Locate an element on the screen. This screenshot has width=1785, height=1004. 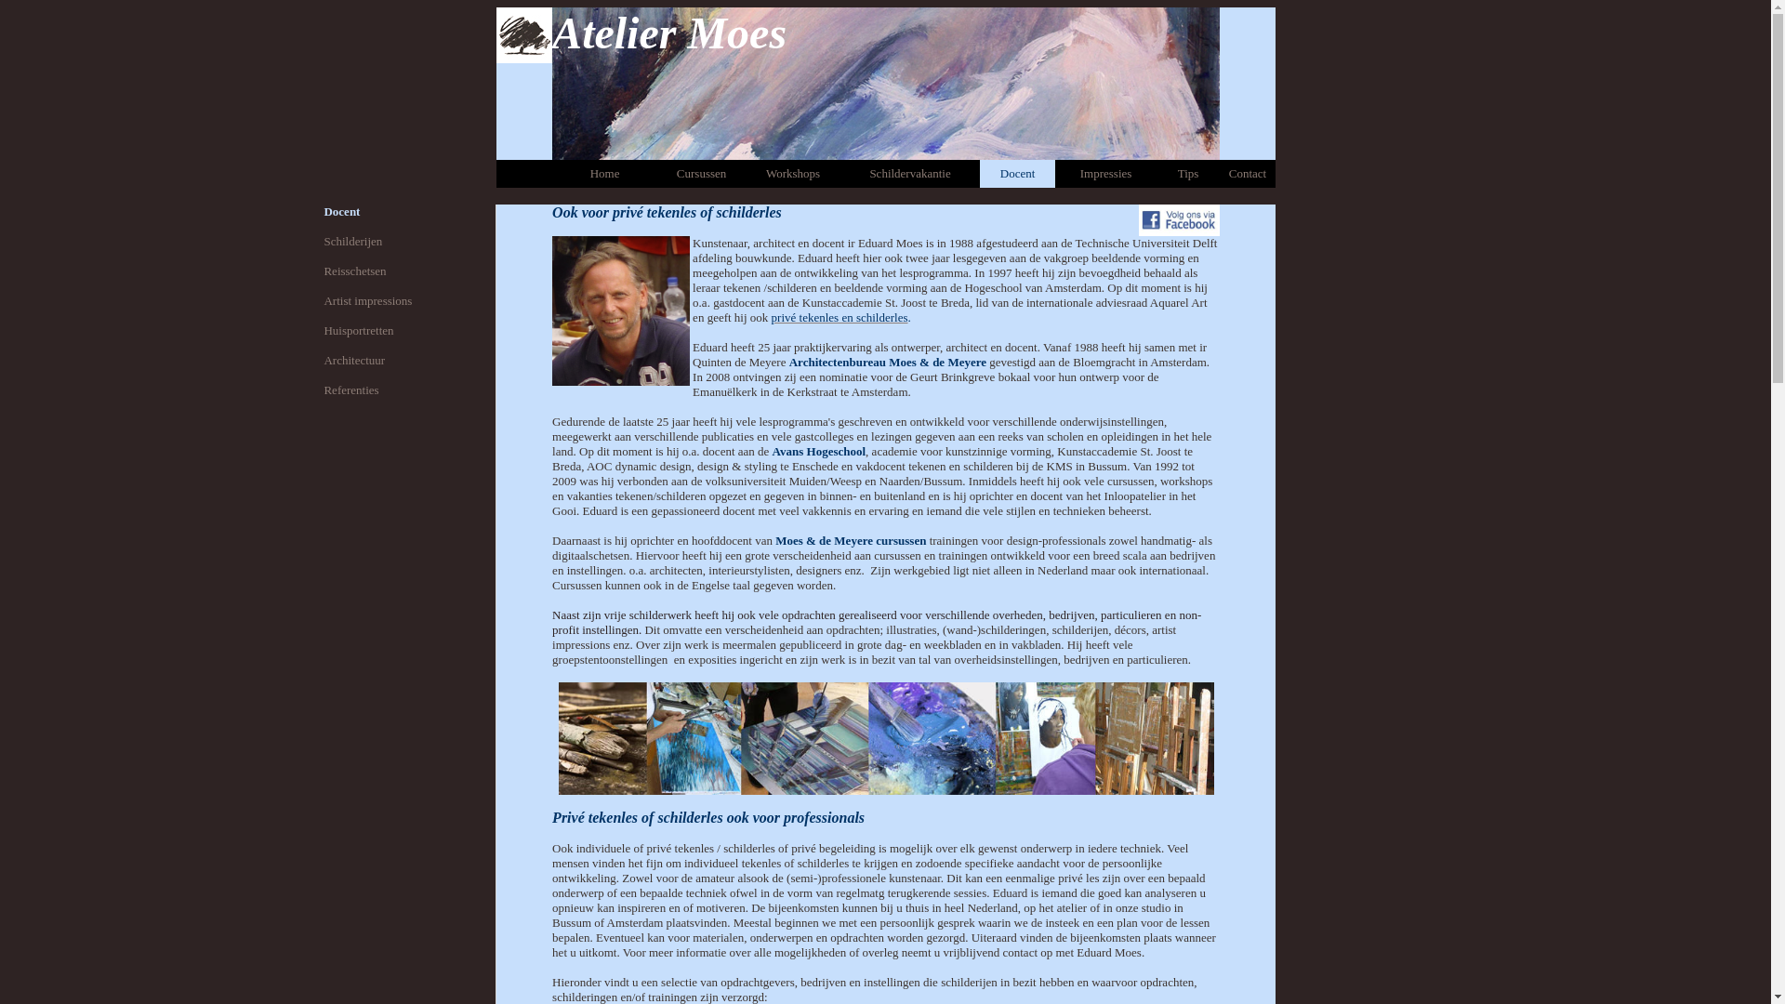
'Huisportretten' is located at coordinates (358, 329).